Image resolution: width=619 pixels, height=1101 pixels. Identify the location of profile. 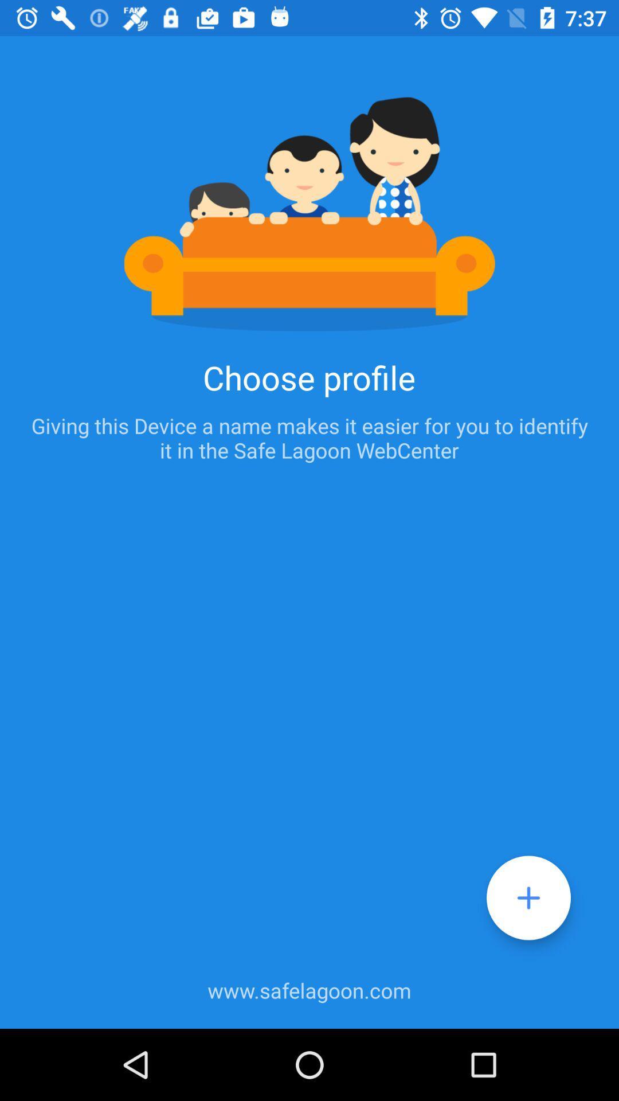
(528, 897).